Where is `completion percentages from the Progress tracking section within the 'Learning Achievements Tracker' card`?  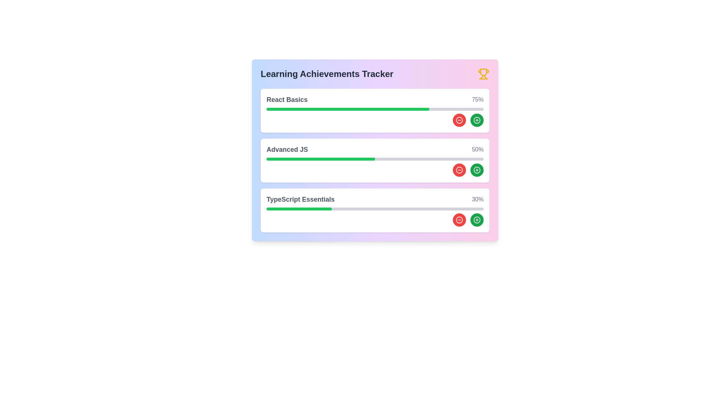
completion percentages from the Progress tracking section within the 'Learning Achievements Tracker' card is located at coordinates (375, 160).